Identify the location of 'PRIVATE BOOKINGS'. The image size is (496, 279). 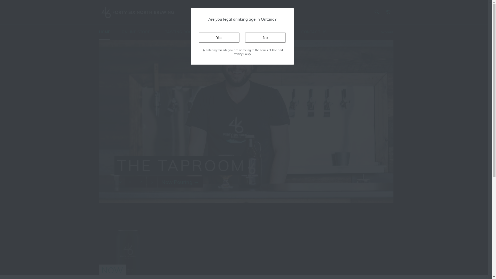
(205, 32).